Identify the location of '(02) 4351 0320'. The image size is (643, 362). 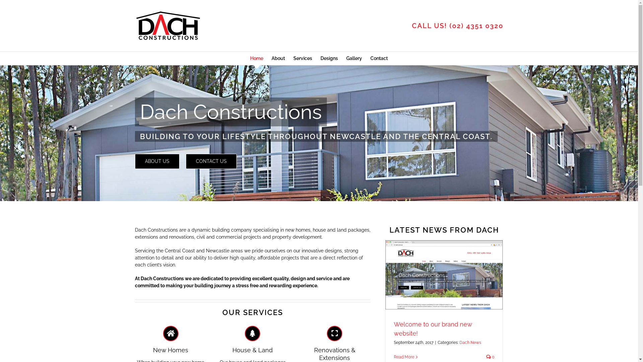
(449, 25).